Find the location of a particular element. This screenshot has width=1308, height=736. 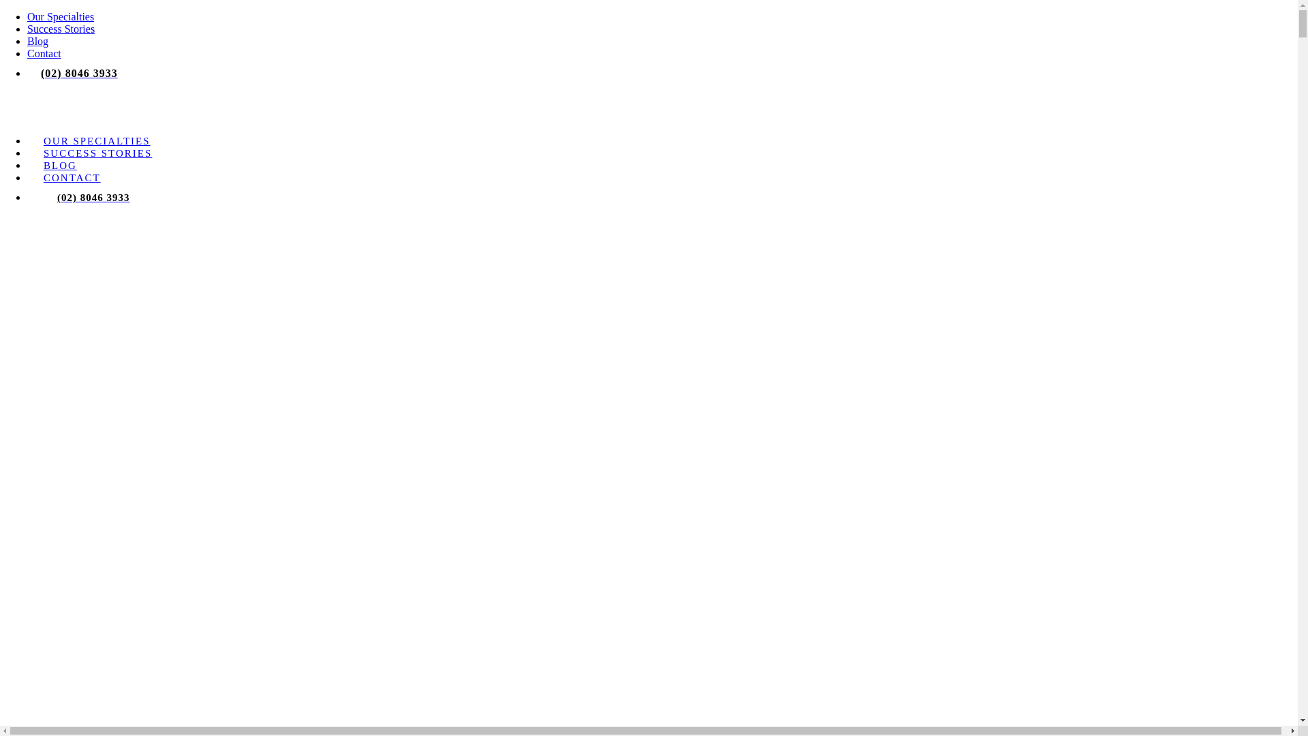

'OUR SPECIALTIES' is located at coordinates (96, 141).